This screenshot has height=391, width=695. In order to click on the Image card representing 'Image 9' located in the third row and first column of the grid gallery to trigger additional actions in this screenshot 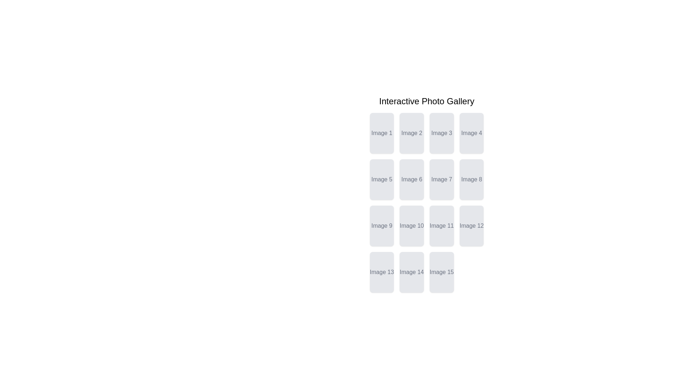, I will do `click(381, 226)`.